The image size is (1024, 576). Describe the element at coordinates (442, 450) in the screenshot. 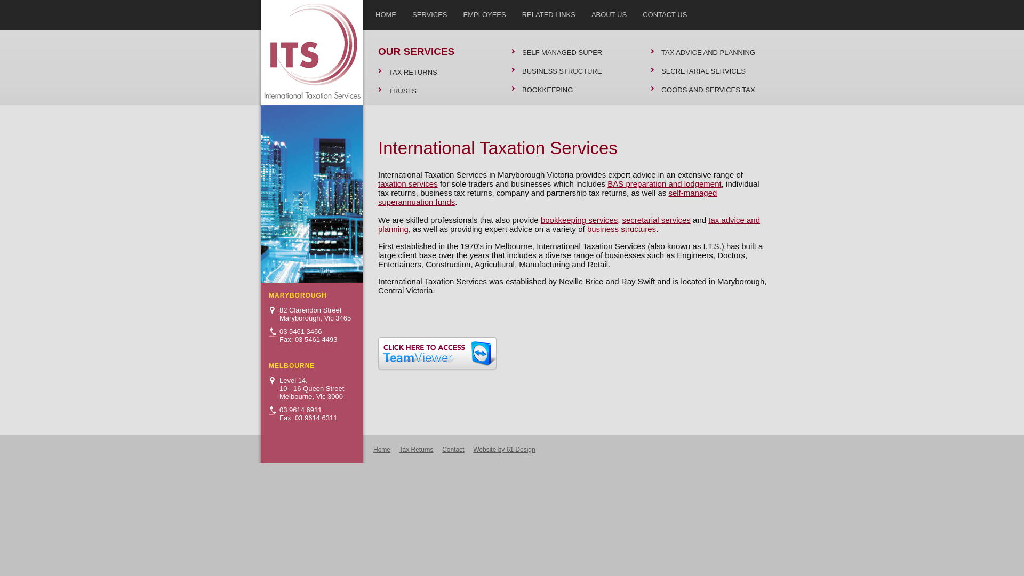

I see `'Contact'` at that location.